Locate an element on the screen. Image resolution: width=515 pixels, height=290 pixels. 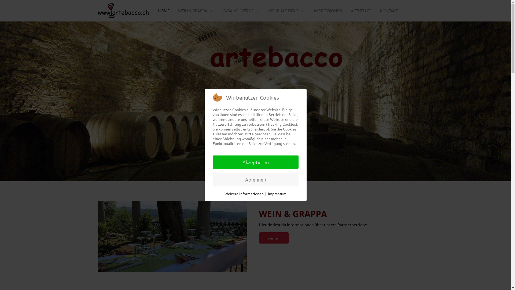
'CASA NEL VERDE' is located at coordinates (241, 10).